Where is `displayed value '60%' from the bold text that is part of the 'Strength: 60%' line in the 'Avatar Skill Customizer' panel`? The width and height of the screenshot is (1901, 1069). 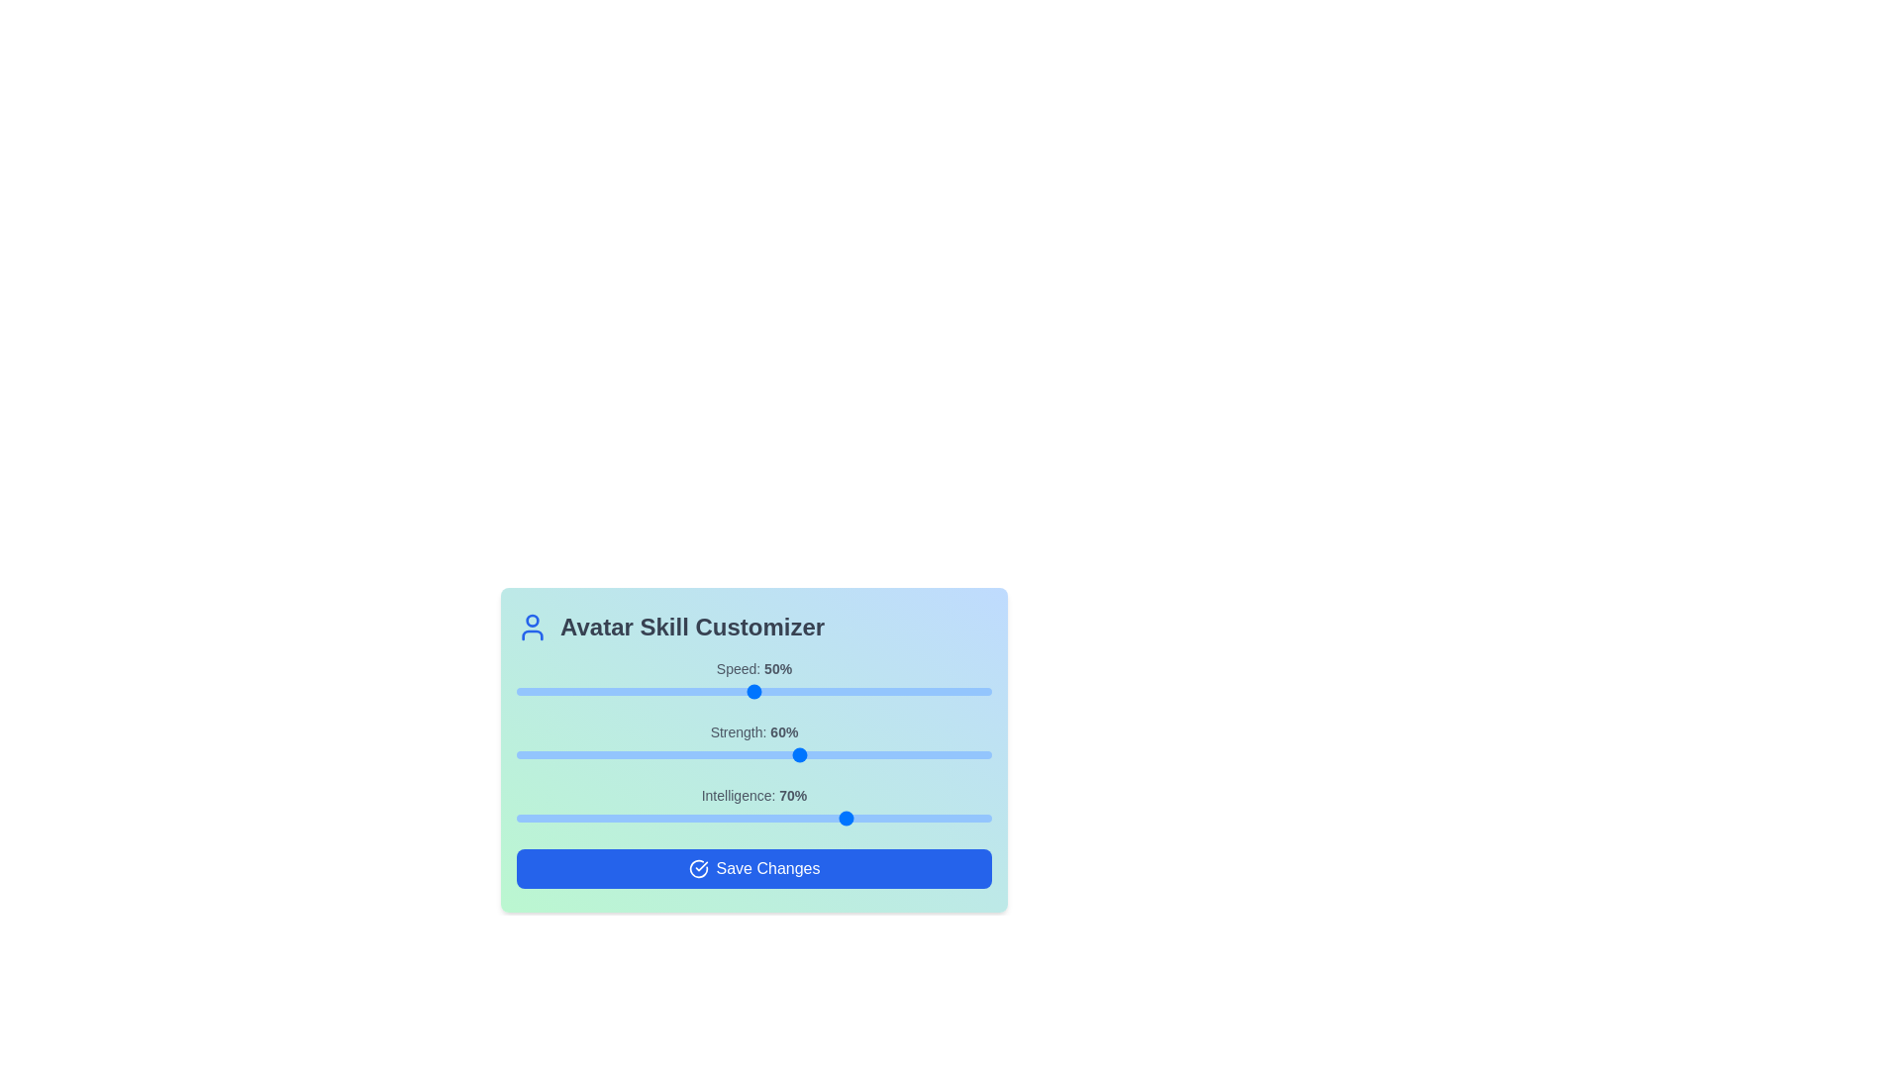
displayed value '60%' from the bold text that is part of the 'Strength: 60%' line in the 'Avatar Skill Customizer' panel is located at coordinates (783, 732).